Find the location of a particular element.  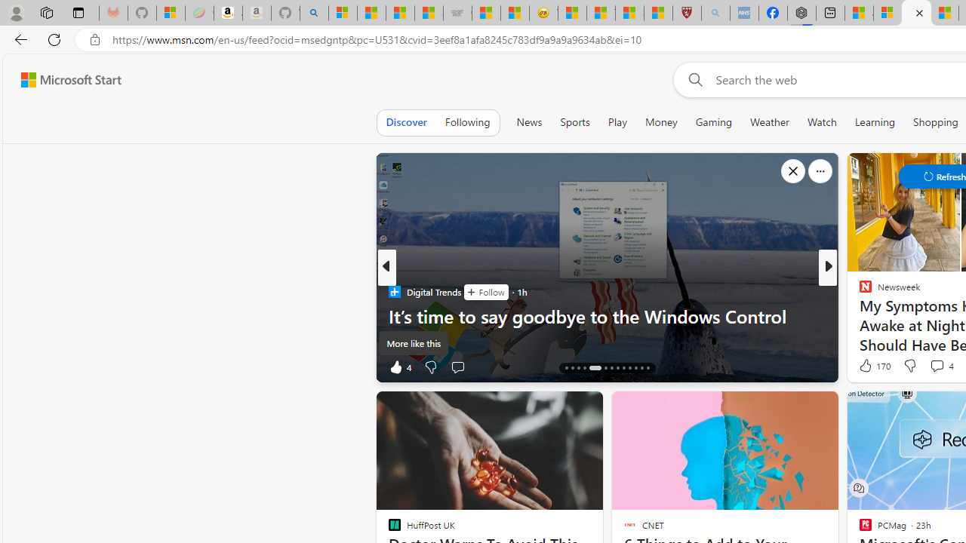

'TODAY' is located at coordinates (859, 292).